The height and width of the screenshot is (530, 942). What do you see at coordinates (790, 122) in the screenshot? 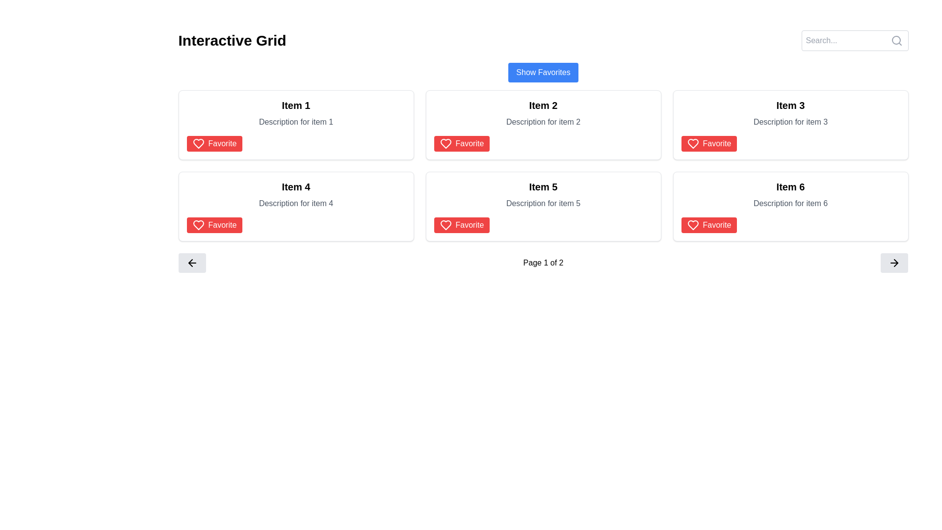
I see `the text label displaying 'Description for item 3' in light gray font, located beneath the heading 'Item 3' in the rightmost tile of the first row` at bounding box center [790, 122].